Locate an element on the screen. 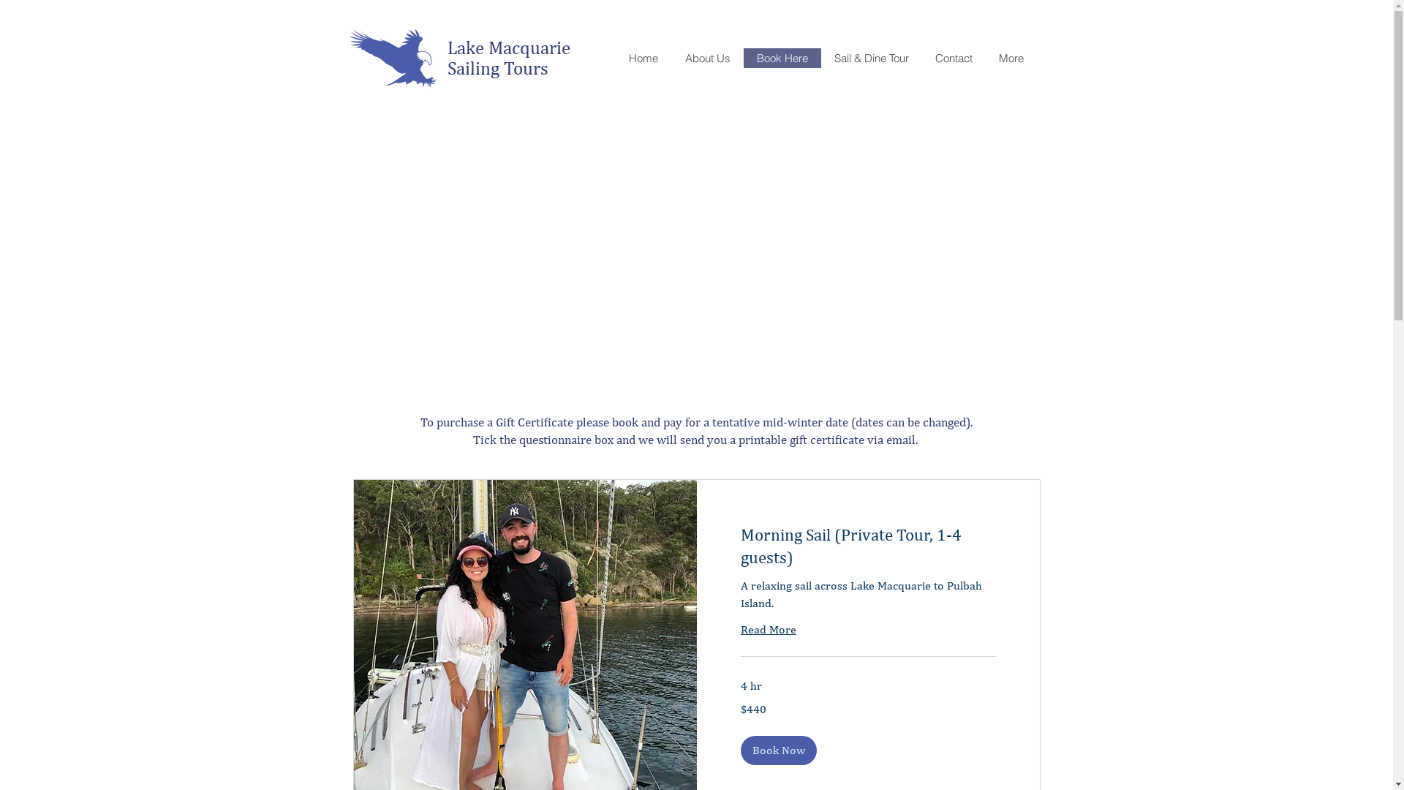 This screenshot has height=790, width=1404. 'Contact' is located at coordinates (953, 57).